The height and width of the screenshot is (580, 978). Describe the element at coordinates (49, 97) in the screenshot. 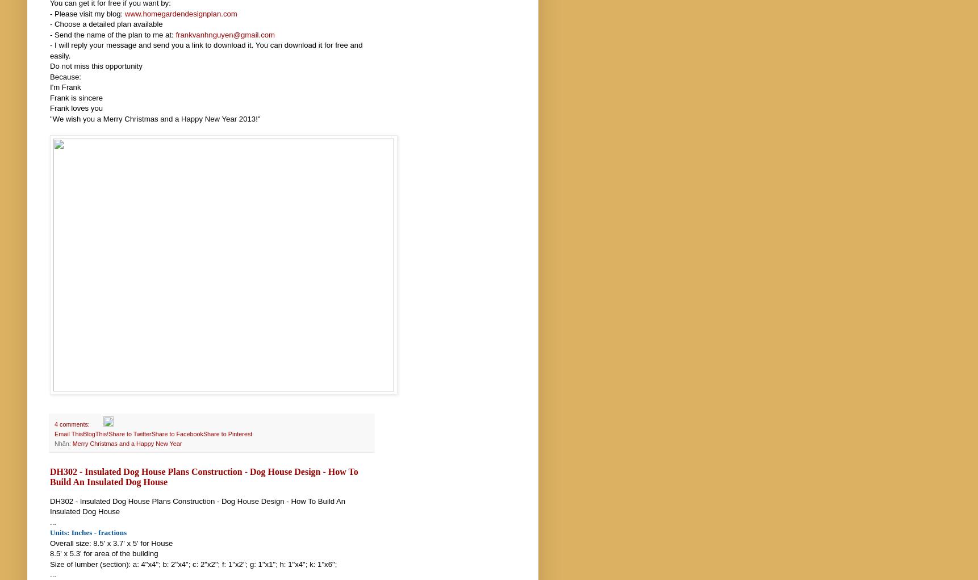

I see `'Frank is sincere'` at that location.